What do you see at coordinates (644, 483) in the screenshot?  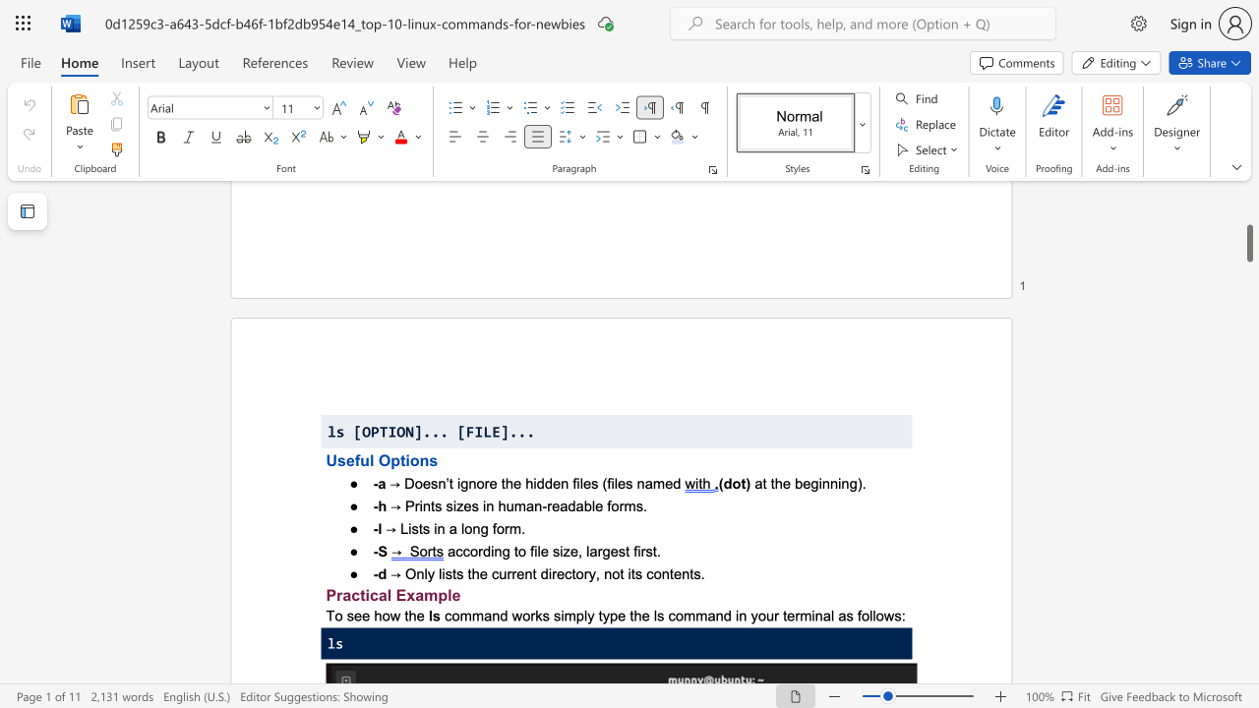 I see `the subset text "ame" within the text "ignore the hidden files (files named"` at bounding box center [644, 483].